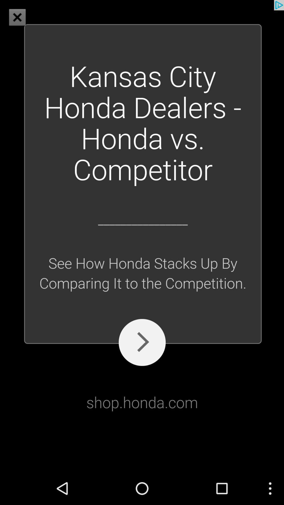 The width and height of the screenshot is (284, 505). What do you see at coordinates (17, 18) in the screenshot?
I see `the close icon` at bounding box center [17, 18].